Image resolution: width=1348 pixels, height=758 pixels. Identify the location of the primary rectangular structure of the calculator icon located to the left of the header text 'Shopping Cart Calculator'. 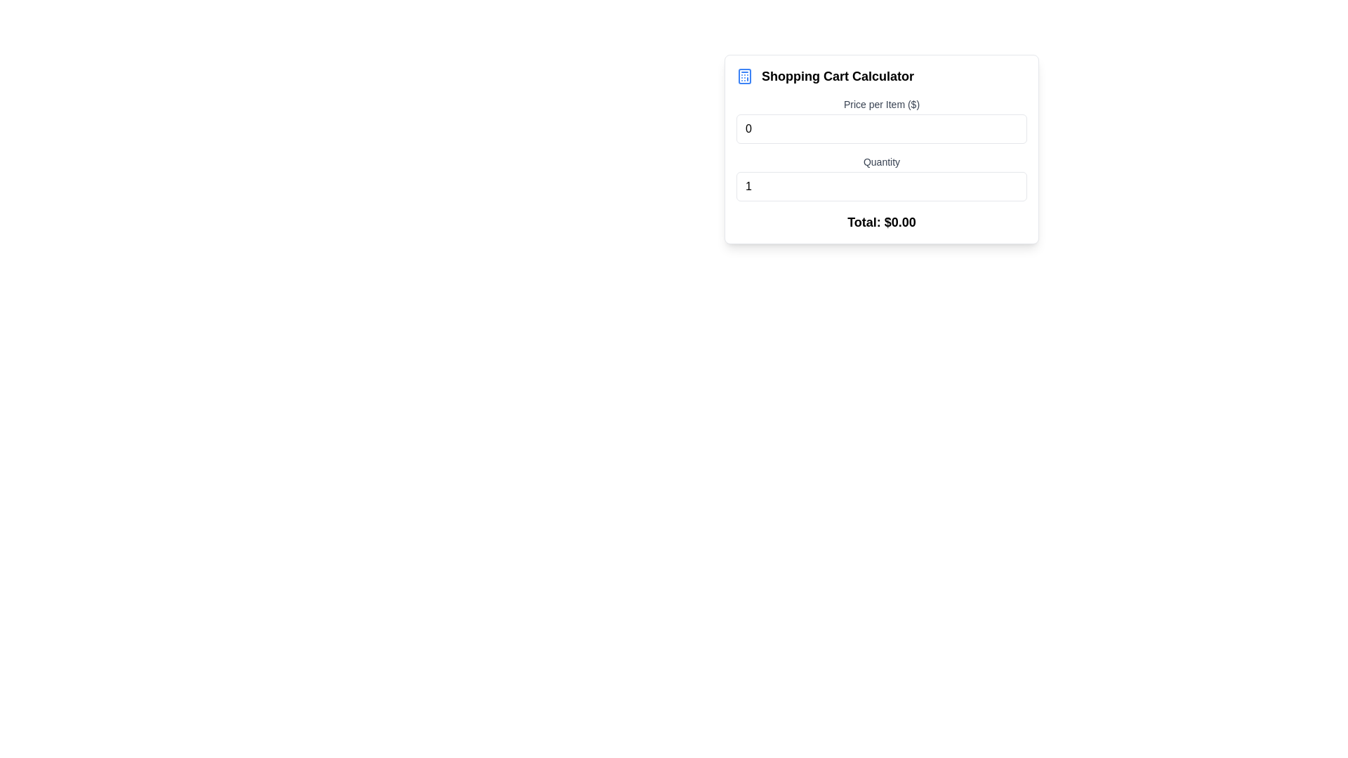
(744, 76).